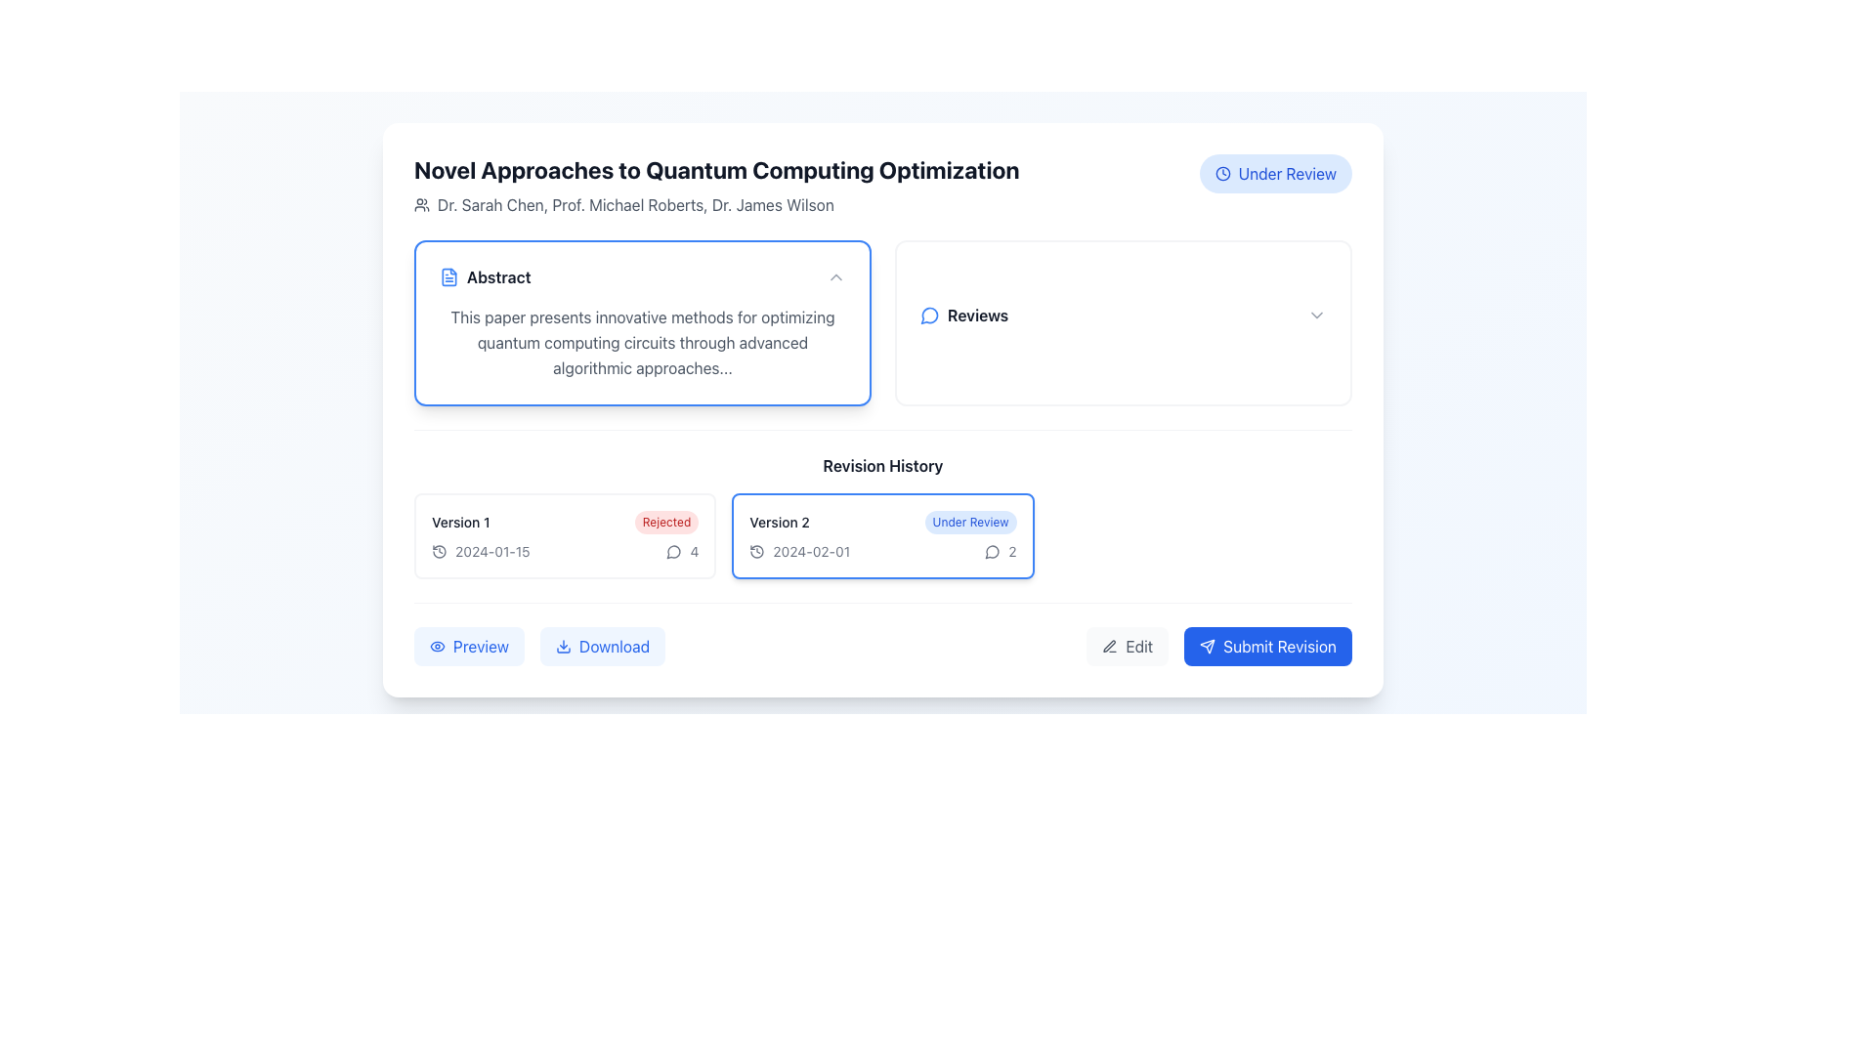  What do you see at coordinates (1287, 172) in the screenshot?
I see `displayed text on the 'Under Review' text label, which is in blue font color on a light blue background, located in the top-right corner of the main content section` at bounding box center [1287, 172].